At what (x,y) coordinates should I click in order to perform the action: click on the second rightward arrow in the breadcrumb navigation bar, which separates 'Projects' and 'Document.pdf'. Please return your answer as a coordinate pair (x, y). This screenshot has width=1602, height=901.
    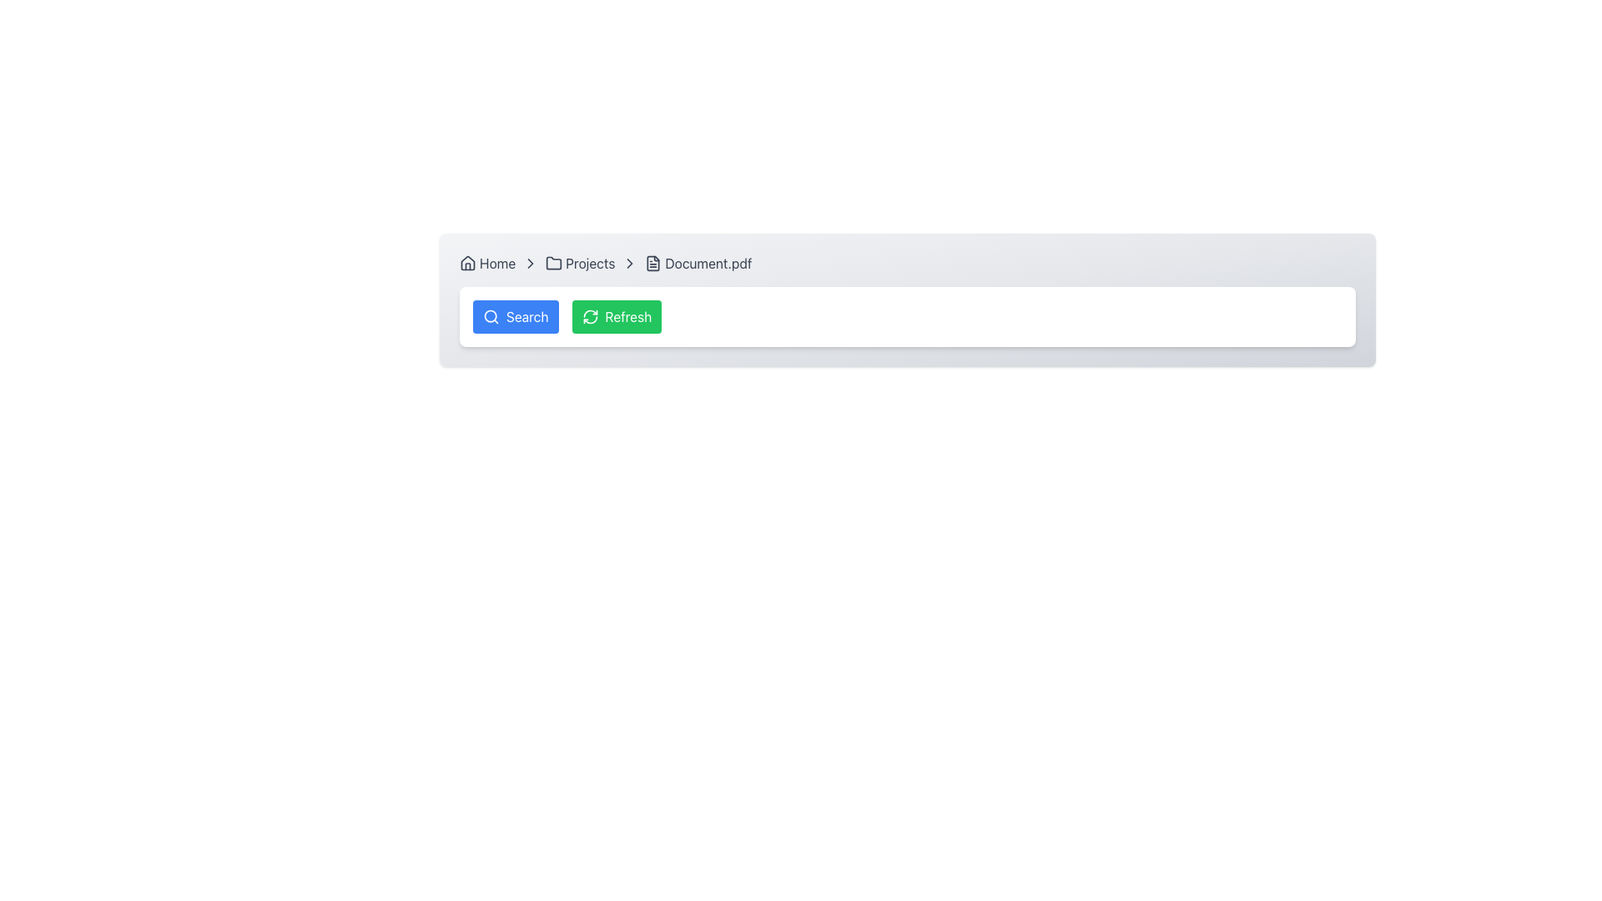
    Looking at the image, I should click on (629, 263).